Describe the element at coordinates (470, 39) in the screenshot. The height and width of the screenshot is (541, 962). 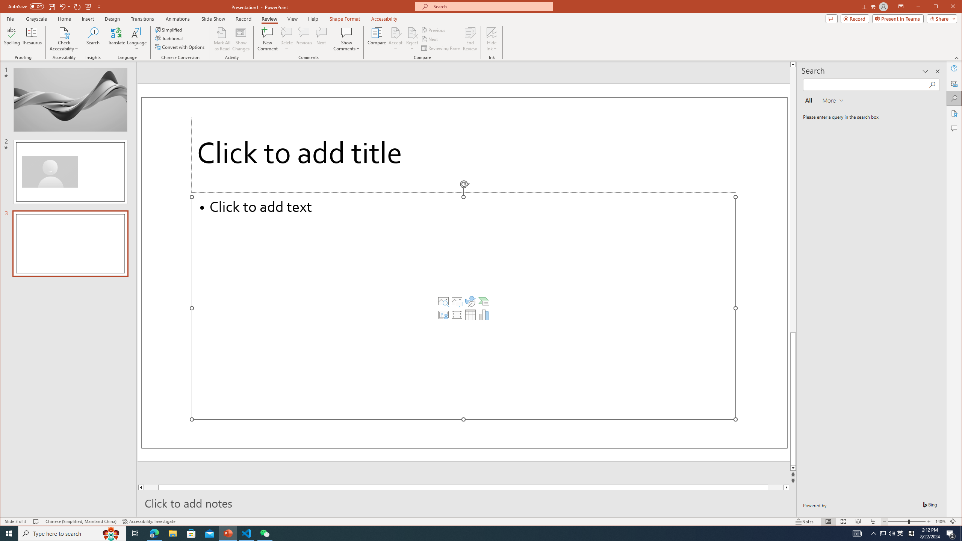
I see `'End Review'` at that location.